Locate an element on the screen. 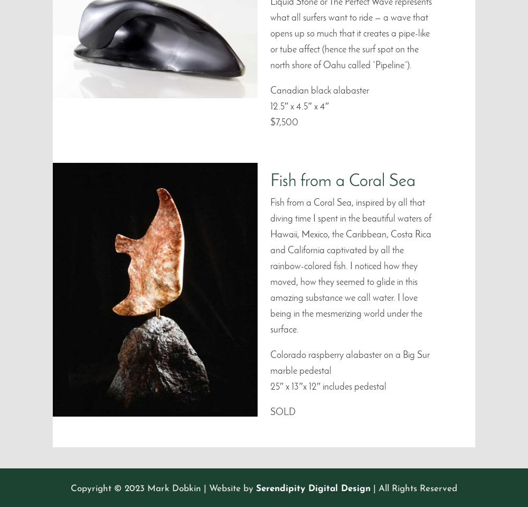  '| All Rights Reserved' is located at coordinates (414, 488).